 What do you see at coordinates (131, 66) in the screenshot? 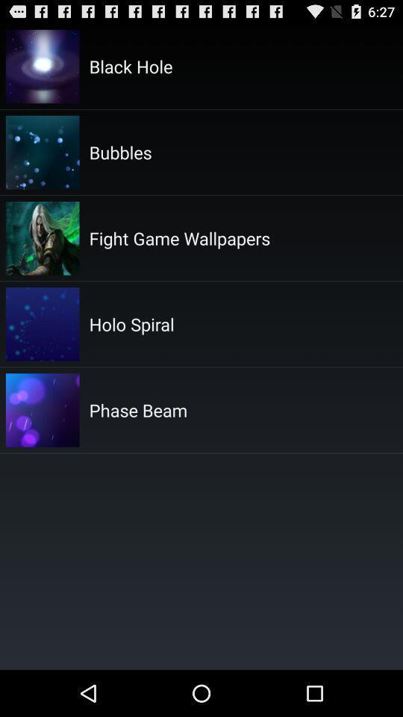
I see `the icon above the bubbles icon` at bounding box center [131, 66].